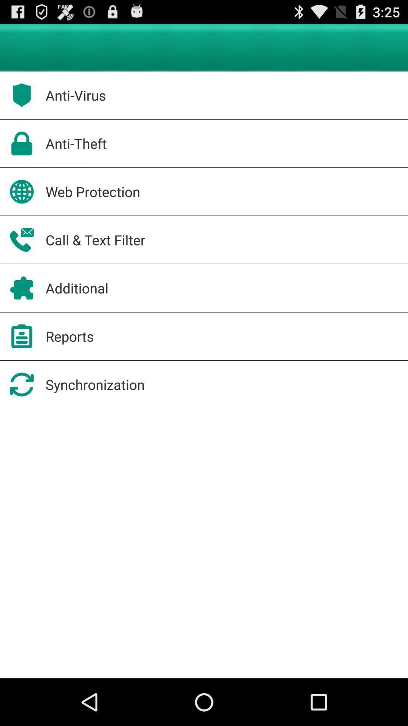  Describe the element at coordinates (93, 192) in the screenshot. I see `the item above call & text filter icon` at that location.